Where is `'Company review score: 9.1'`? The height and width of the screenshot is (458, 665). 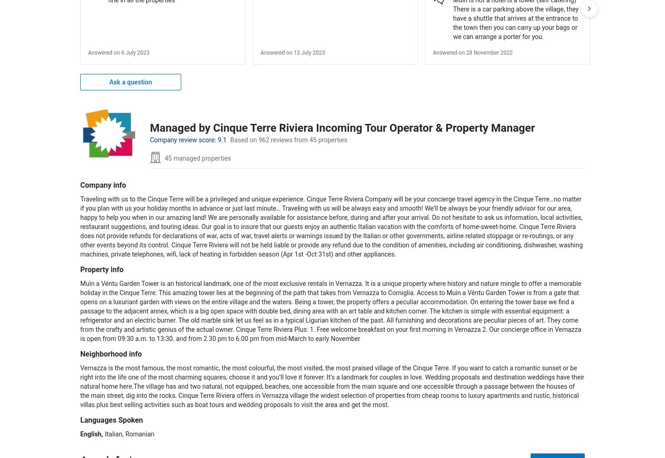
'Company review score: 9.1' is located at coordinates (188, 139).